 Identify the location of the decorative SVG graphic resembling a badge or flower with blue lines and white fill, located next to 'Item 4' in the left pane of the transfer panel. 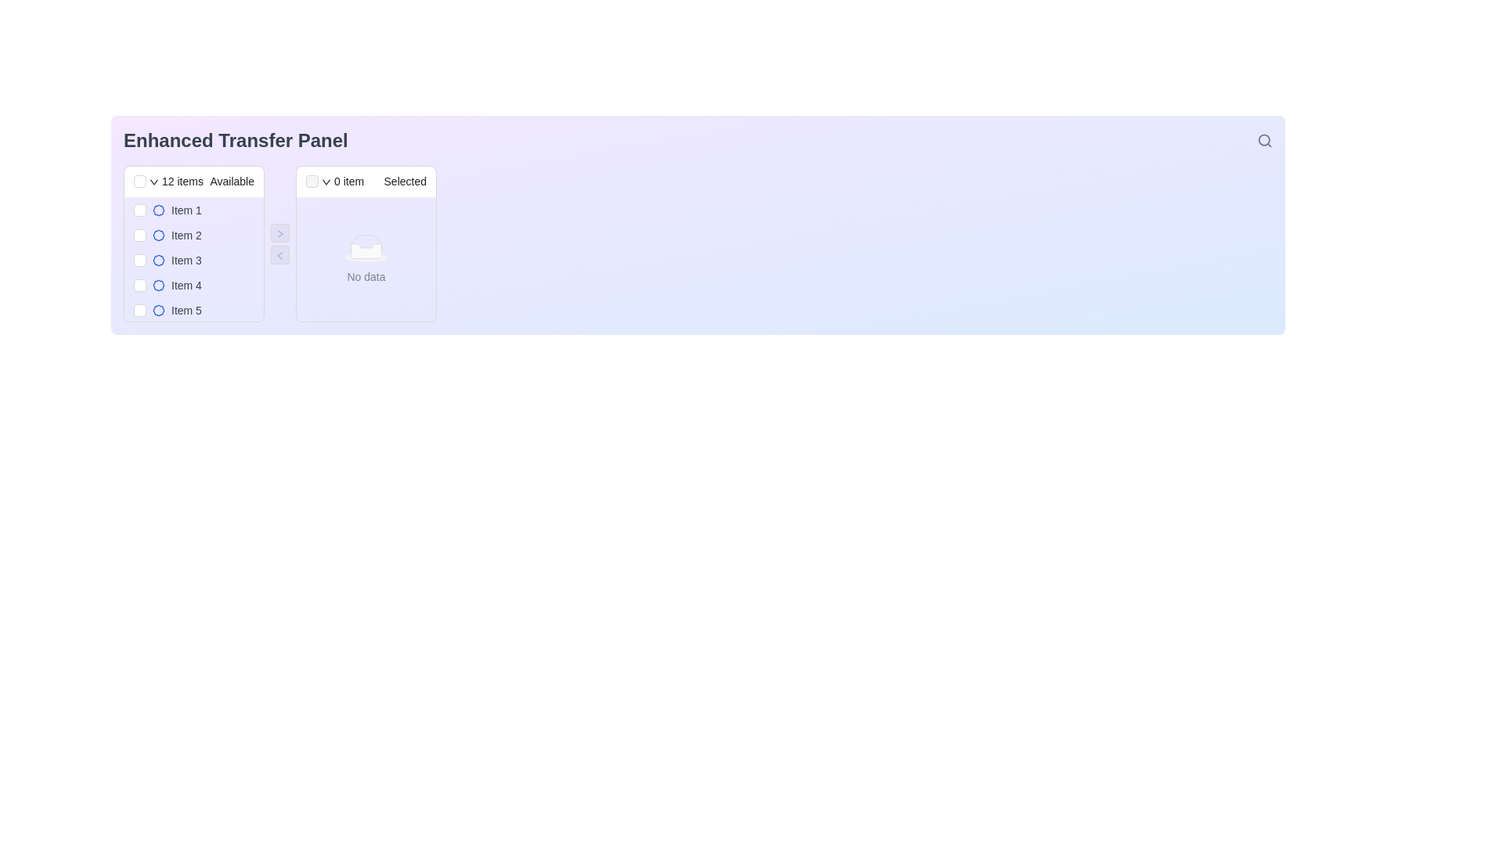
(158, 286).